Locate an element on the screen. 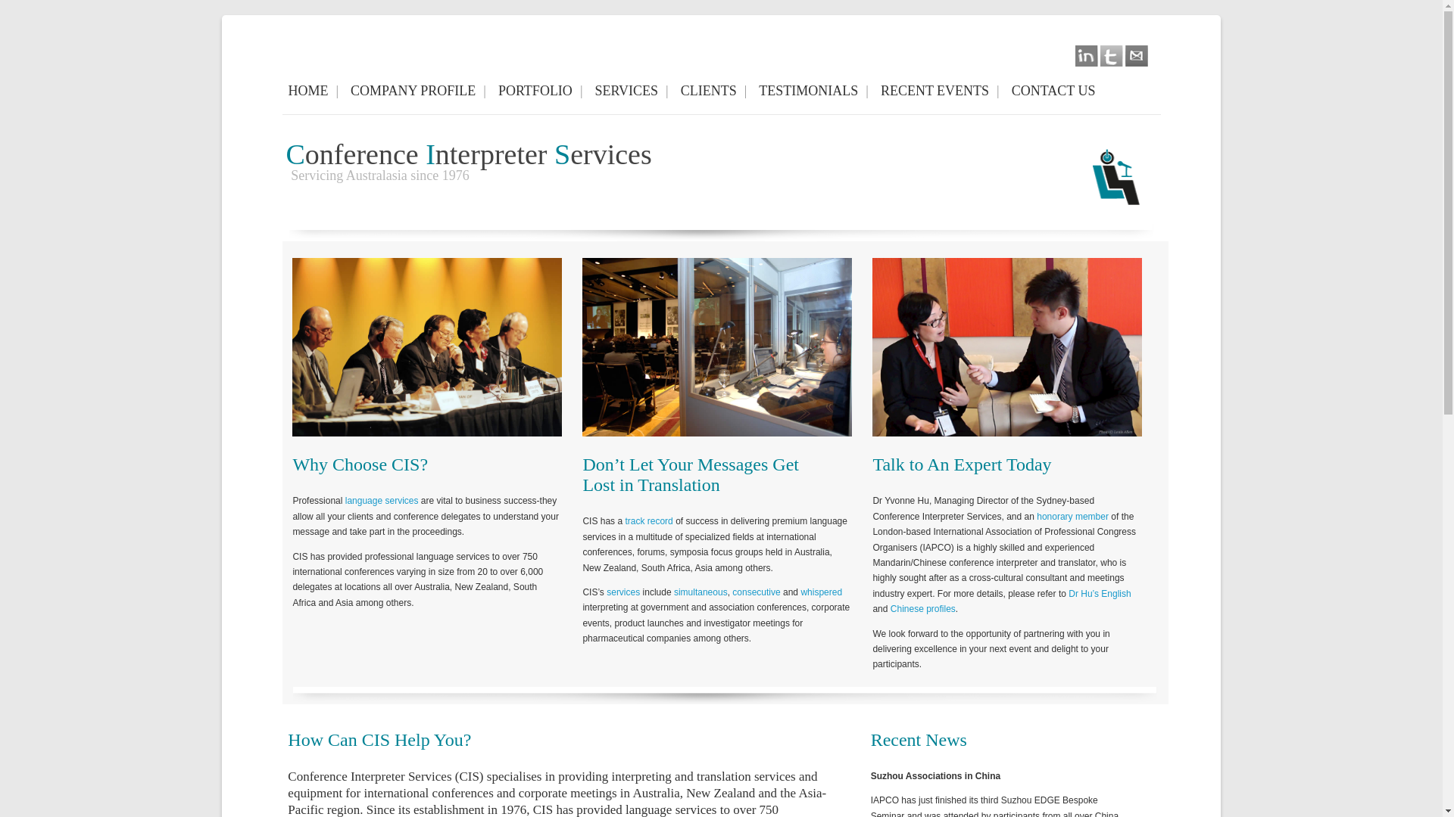 The image size is (1454, 817). 'CONTACT US' is located at coordinates (1056, 91).